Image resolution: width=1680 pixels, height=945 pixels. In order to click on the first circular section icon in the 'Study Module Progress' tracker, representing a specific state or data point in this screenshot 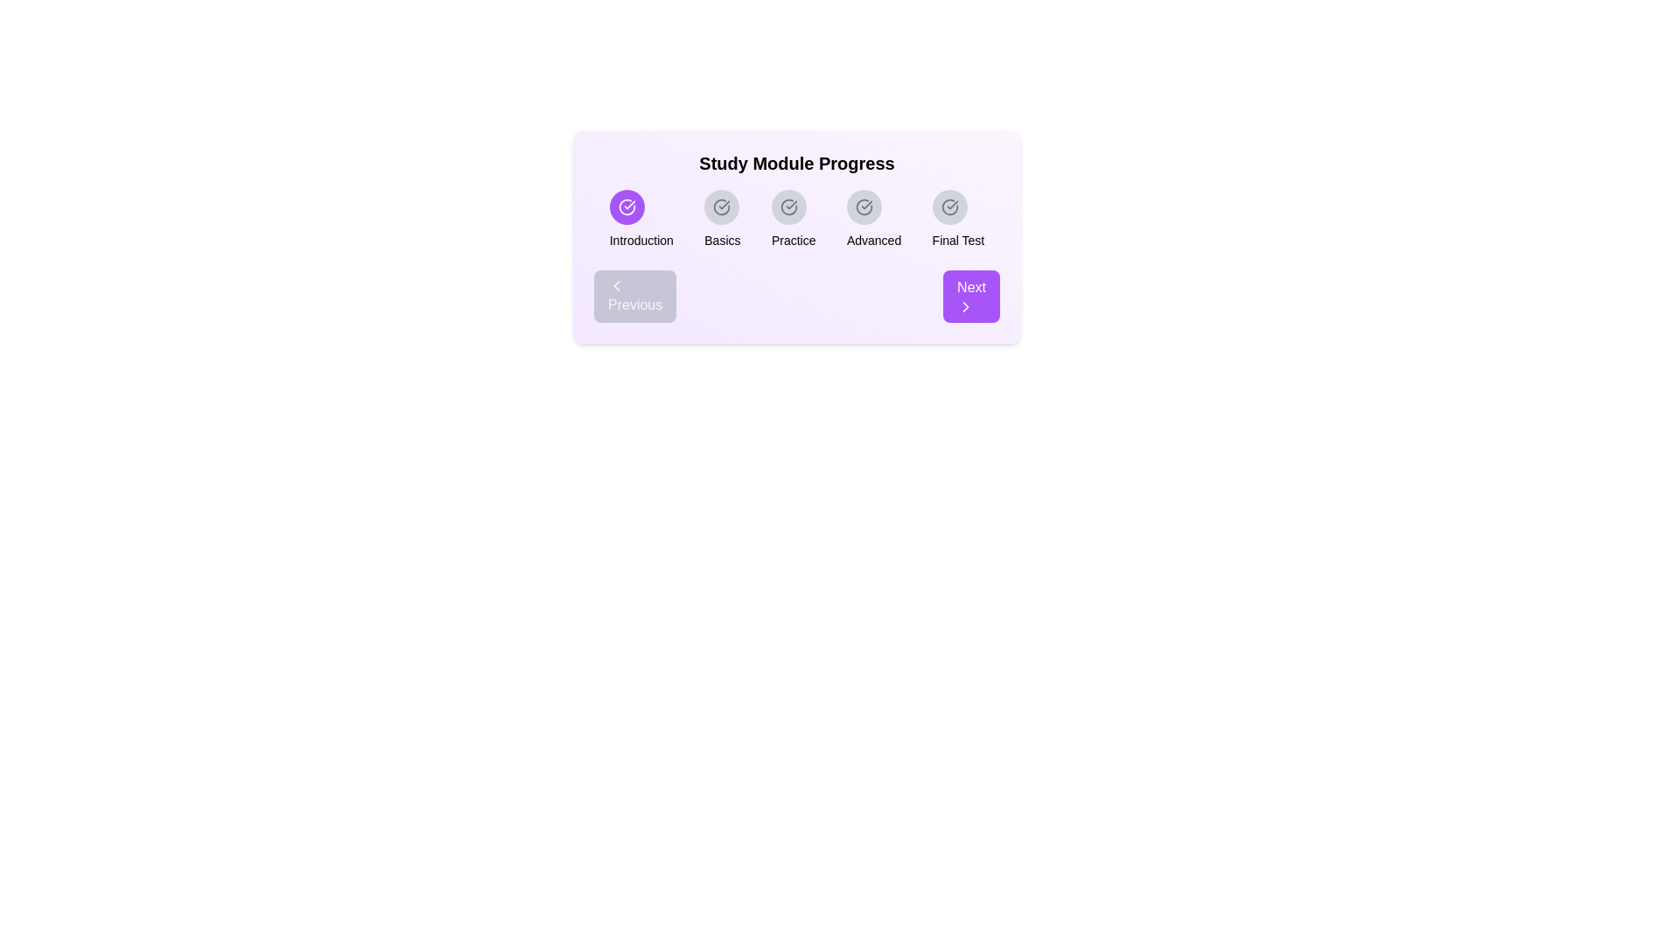, I will do `click(626, 206)`.